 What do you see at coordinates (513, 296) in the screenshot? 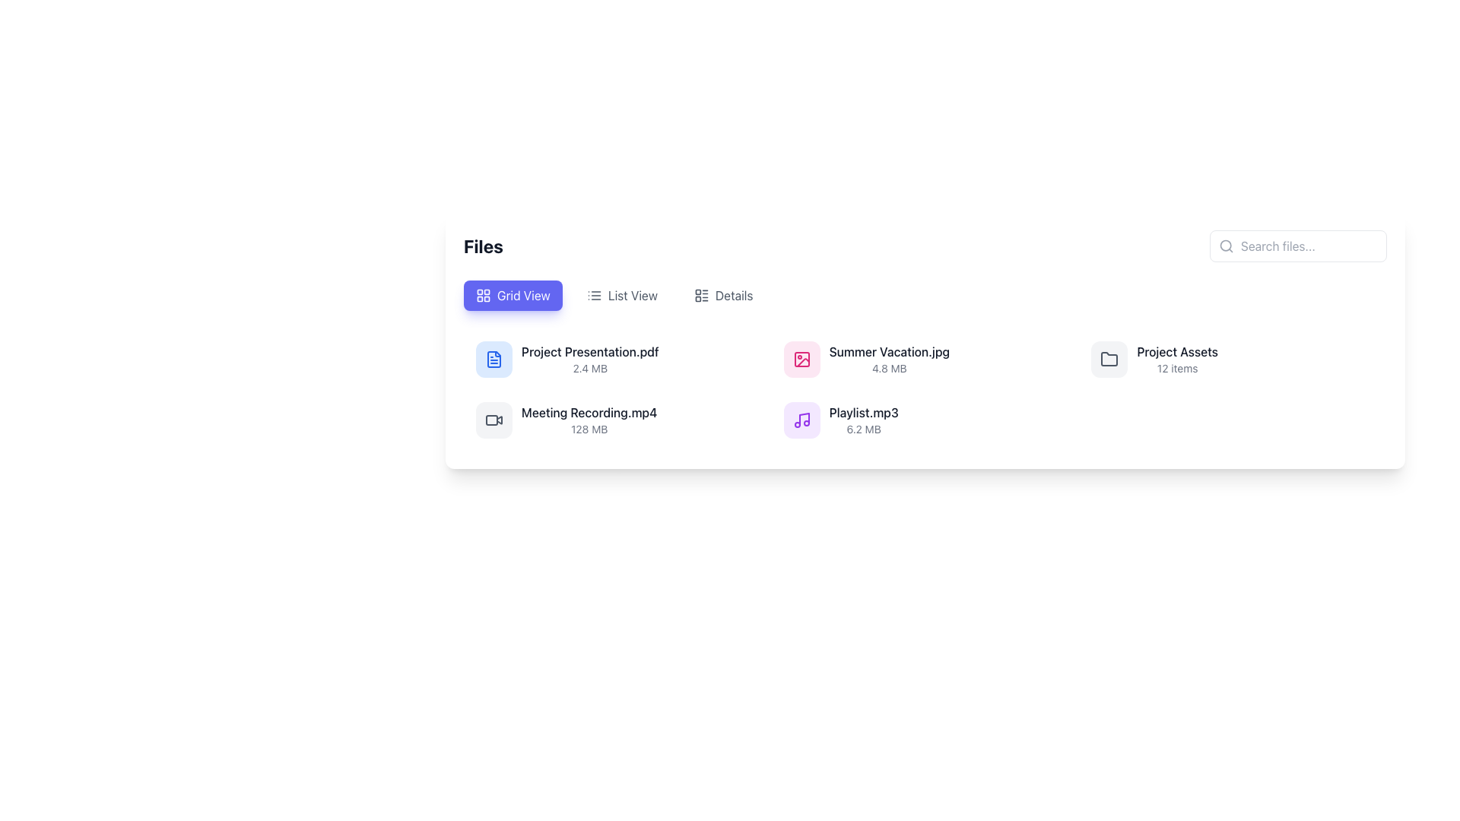
I see `the first button in the horizontal list that switches the file display format to a grid view` at bounding box center [513, 296].